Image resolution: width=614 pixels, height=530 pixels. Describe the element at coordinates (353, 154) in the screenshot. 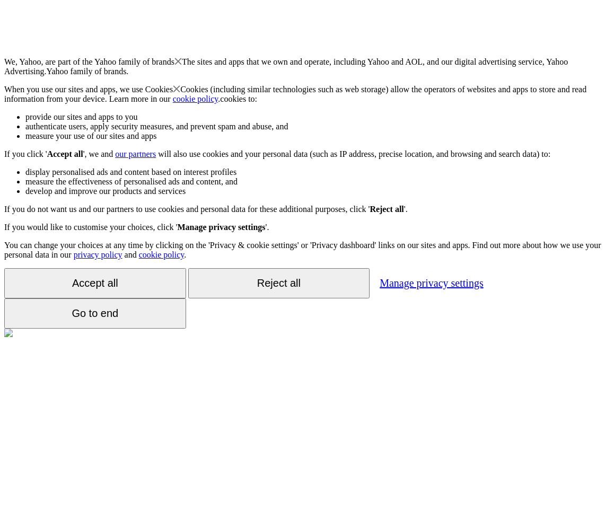

I see `'will also use cookies and your personal data (such as IP address, precise location, and browsing and search data) to:'` at that location.